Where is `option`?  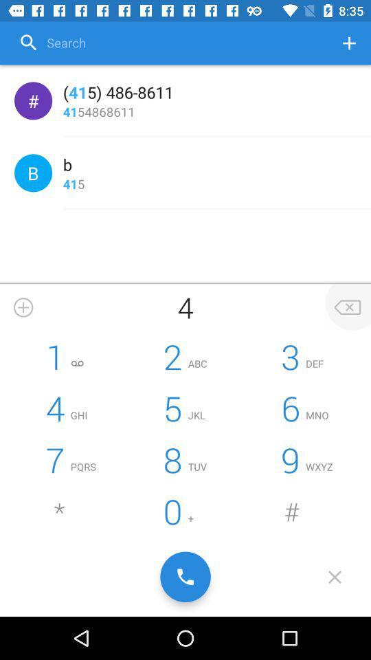
option is located at coordinates (170, 43).